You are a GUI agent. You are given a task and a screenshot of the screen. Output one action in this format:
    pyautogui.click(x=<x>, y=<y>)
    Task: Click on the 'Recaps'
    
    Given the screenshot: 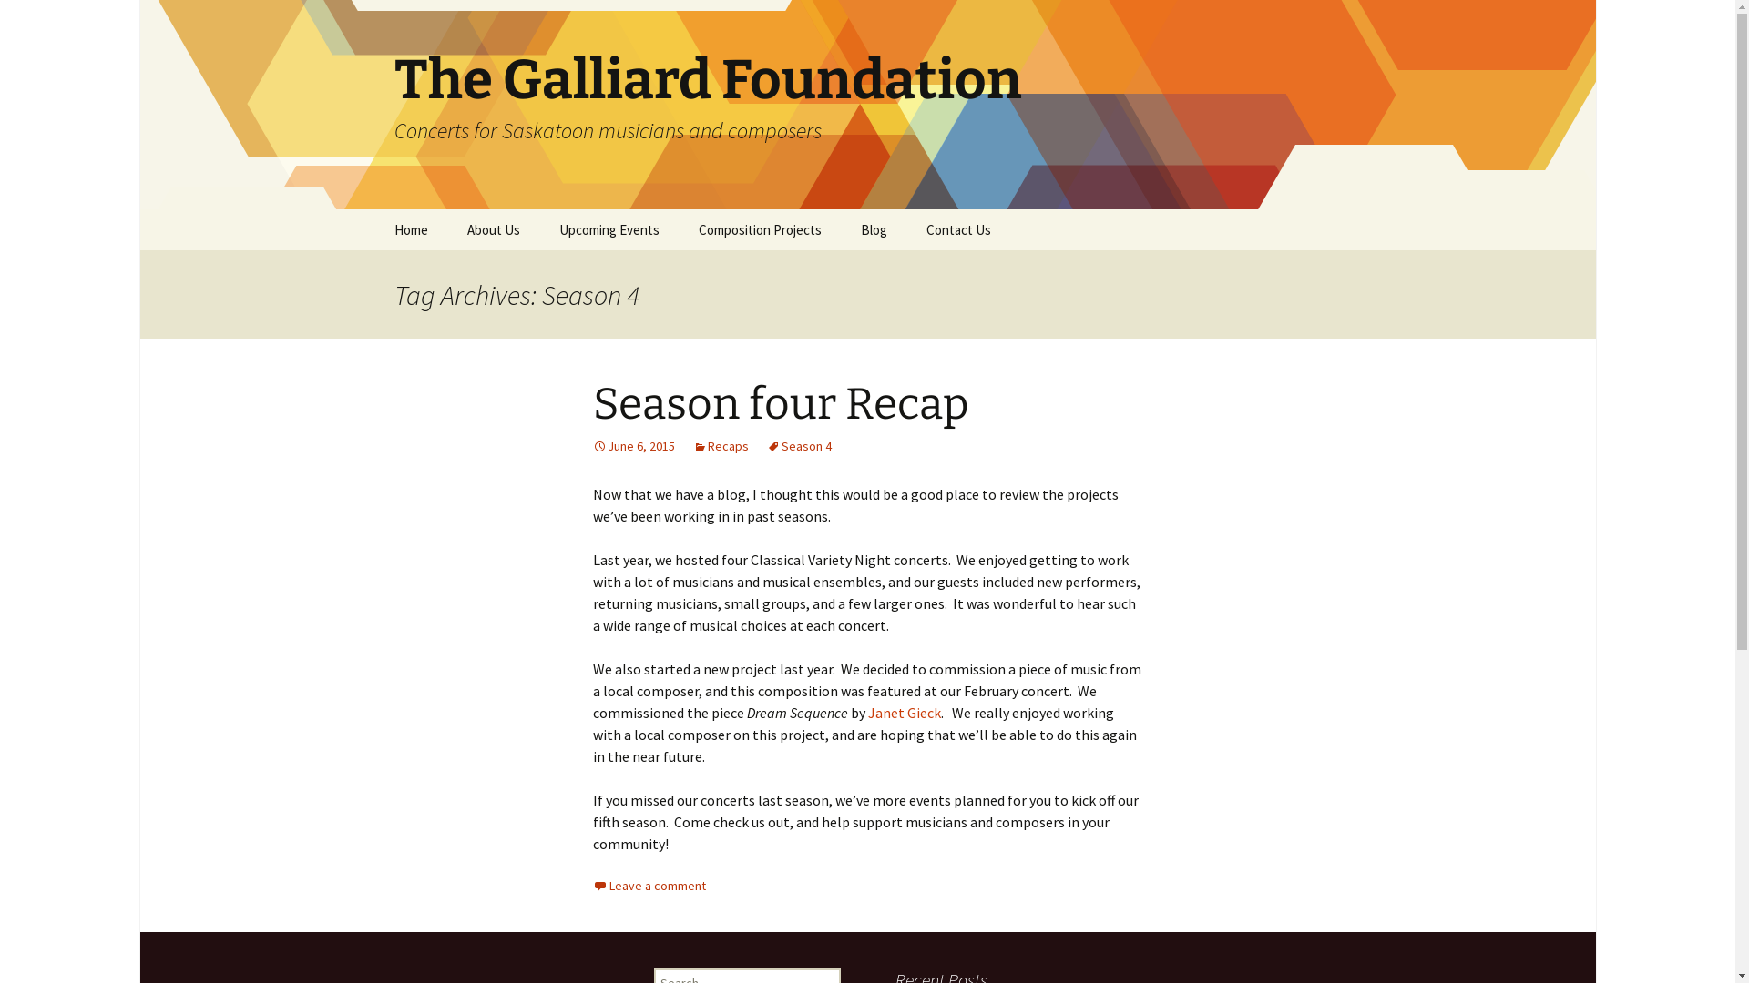 What is the action you would take?
    pyautogui.click(x=719, y=445)
    